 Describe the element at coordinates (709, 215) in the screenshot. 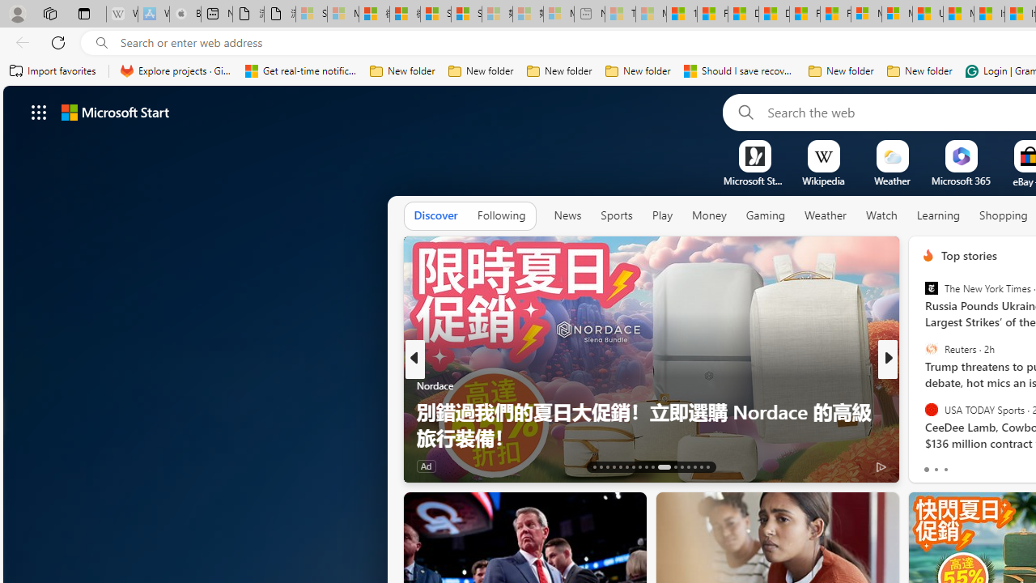

I see `'Money'` at that location.